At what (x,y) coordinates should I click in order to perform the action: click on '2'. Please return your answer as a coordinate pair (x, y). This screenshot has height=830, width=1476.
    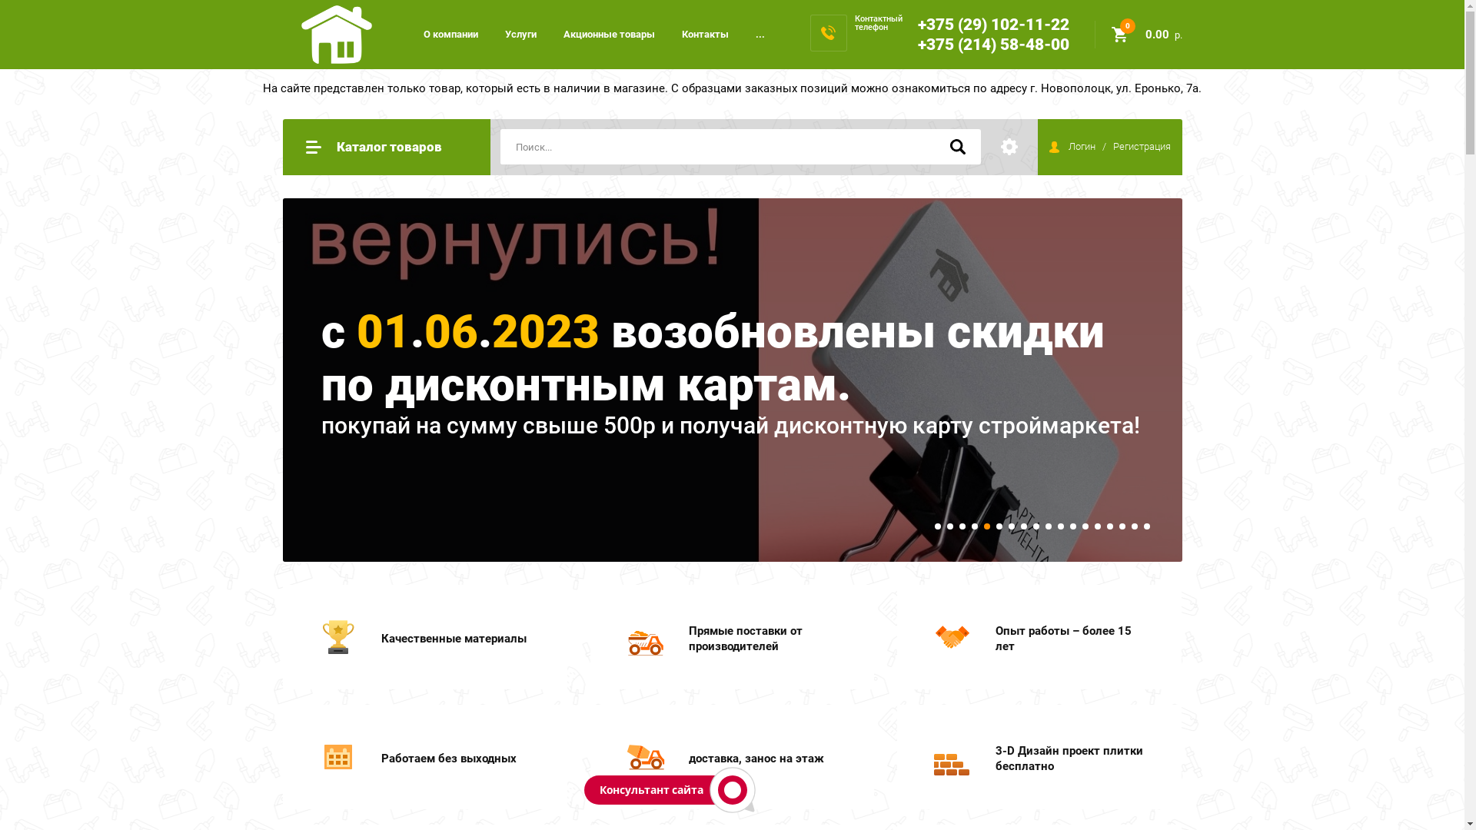
    Looking at the image, I should click on (949, 526).